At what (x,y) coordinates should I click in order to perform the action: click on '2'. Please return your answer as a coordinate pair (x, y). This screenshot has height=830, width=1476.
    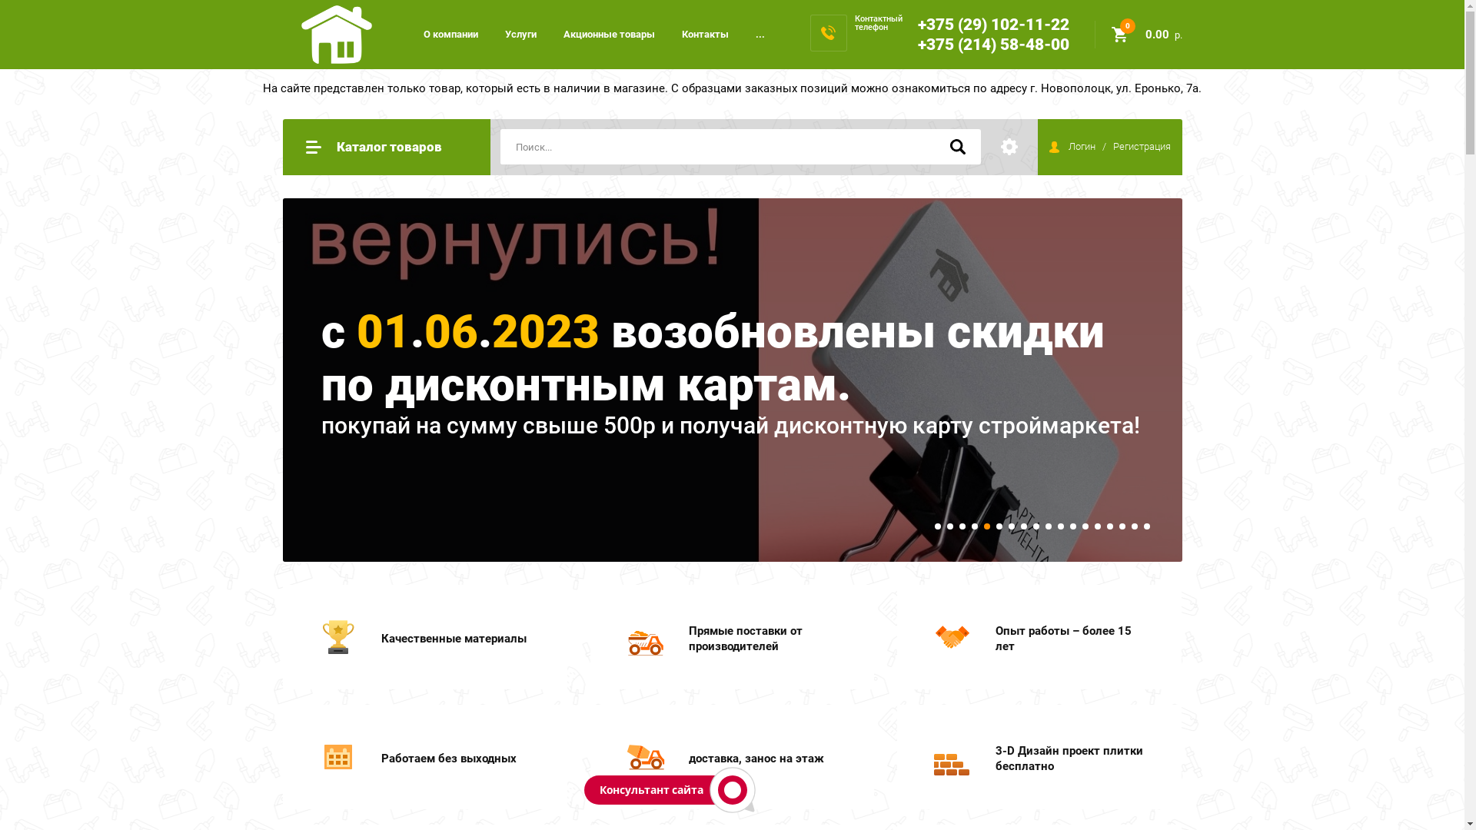
    Looking at the image, I should click on (949, 526).